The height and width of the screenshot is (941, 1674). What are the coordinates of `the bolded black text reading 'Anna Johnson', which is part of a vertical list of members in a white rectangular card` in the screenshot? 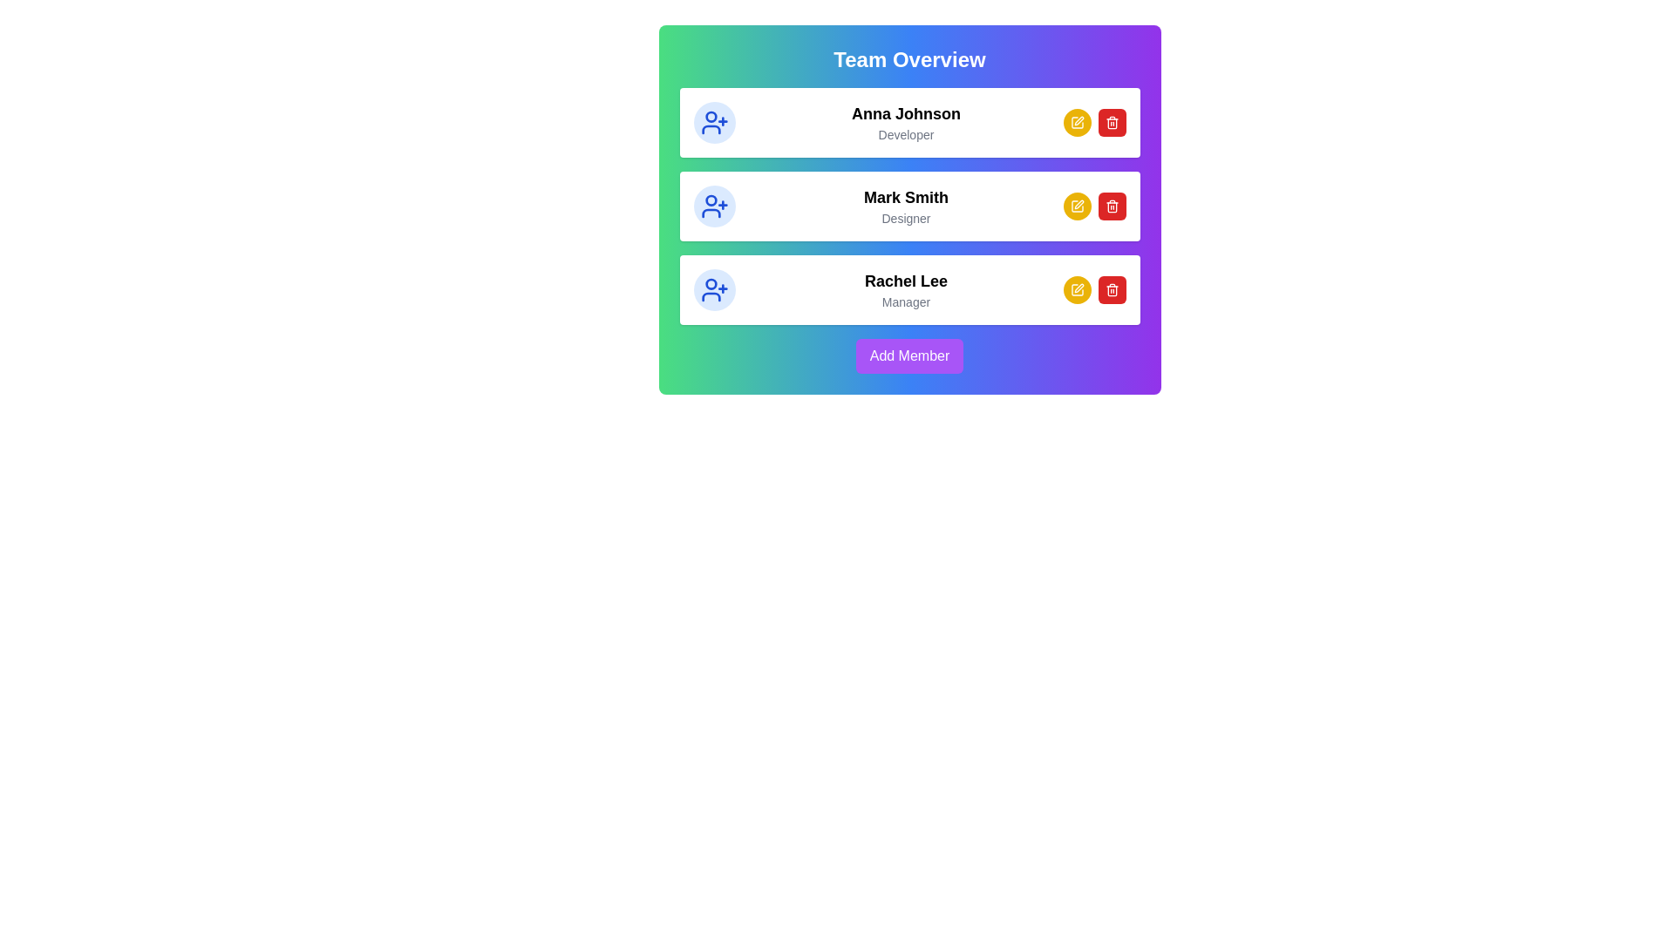 It's located at (906, 114).